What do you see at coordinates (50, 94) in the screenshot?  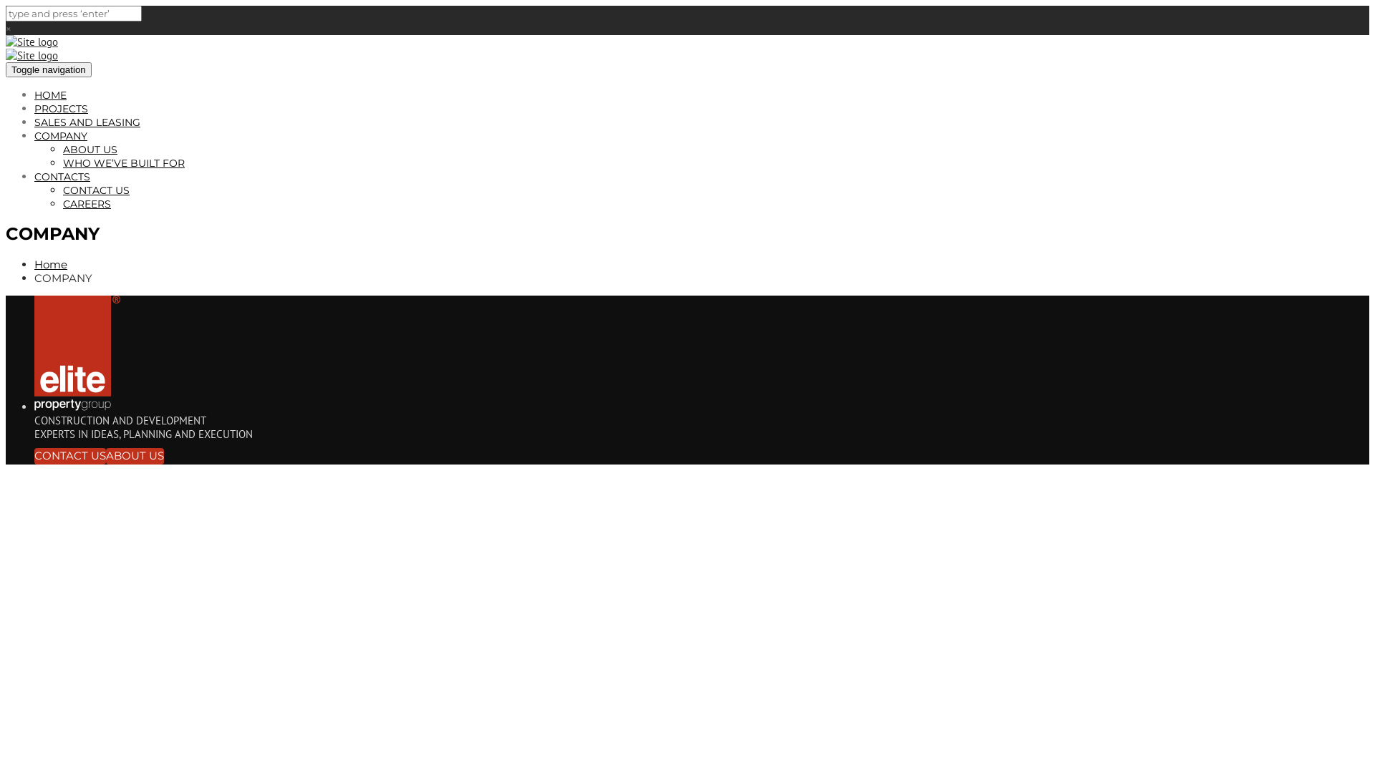 I see `'HOME'` at bounding box center [50, 94].